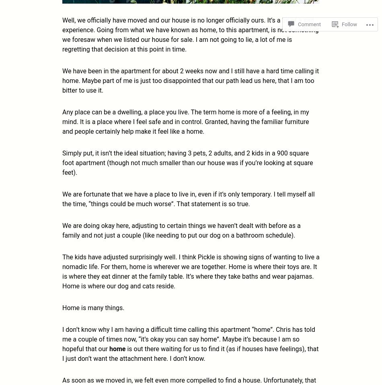  Describe the element at coordinates (190, 80) in the screenshot. I see `'We have been in the apartment for about 2 weeks now and I still have a hard time calling it home. Maybe part of me is just too disappointed that our path lead us here, that I am too bitter to use it.'` at that location.